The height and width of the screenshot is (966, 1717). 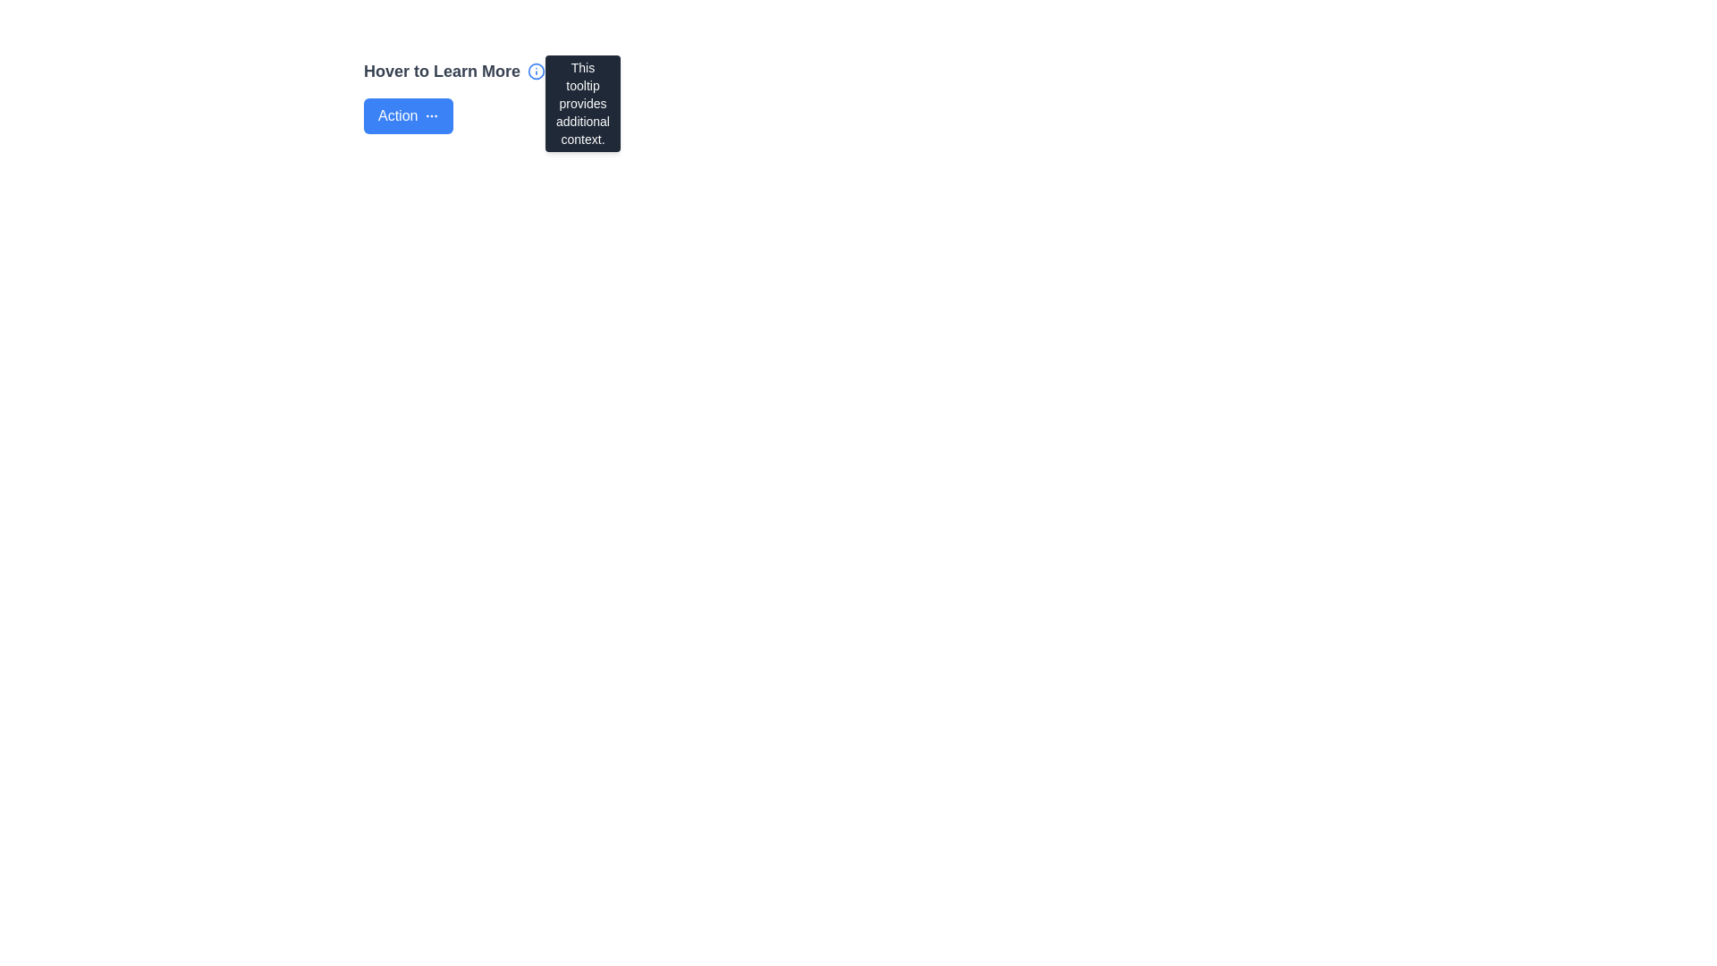 What do you see at coordinates (583, 103) in the screenshot?
I see `information presented in the tooltip that displays 'This tooltip provides additional context.' positioned above and slightly to the right of the 'info' icon in the 'Hover to Learn More' group` at bounding box center [583, 103].